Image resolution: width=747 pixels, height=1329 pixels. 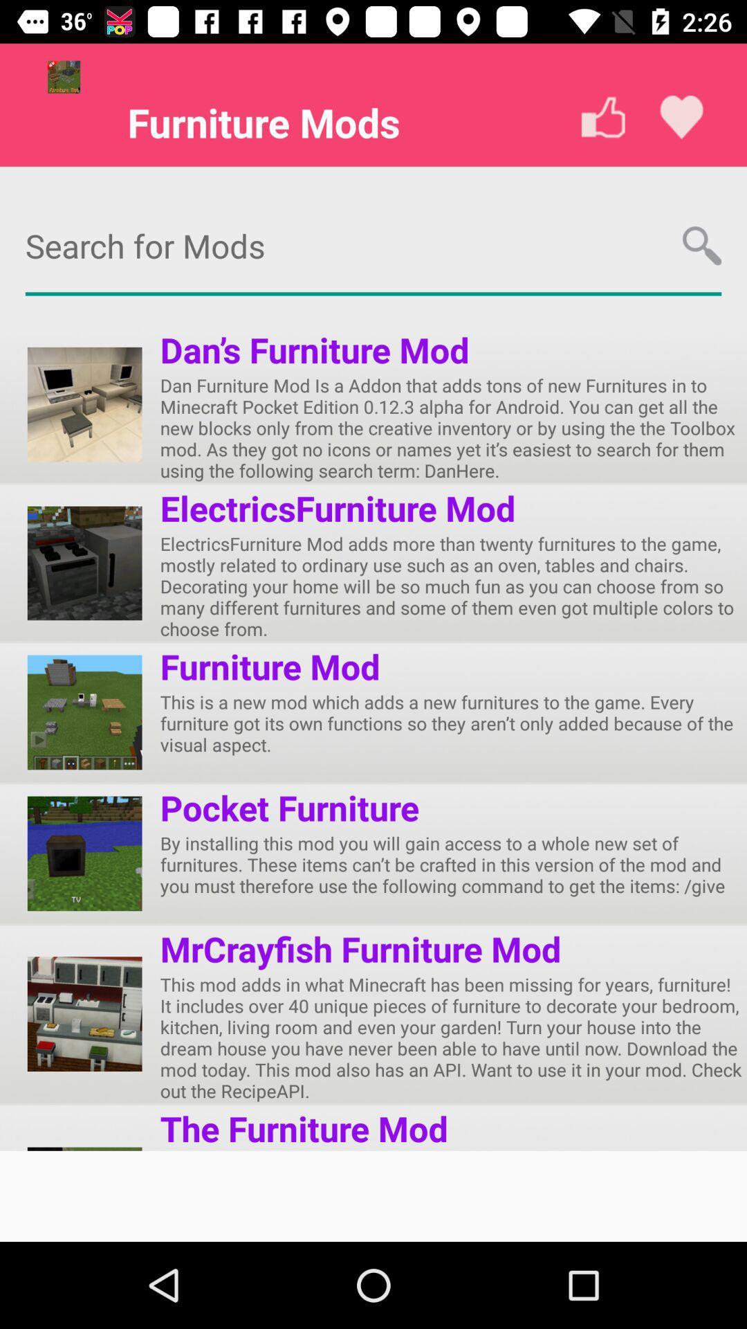 I want to click on the item below pocket furniture app, so click(x=453, y=864).